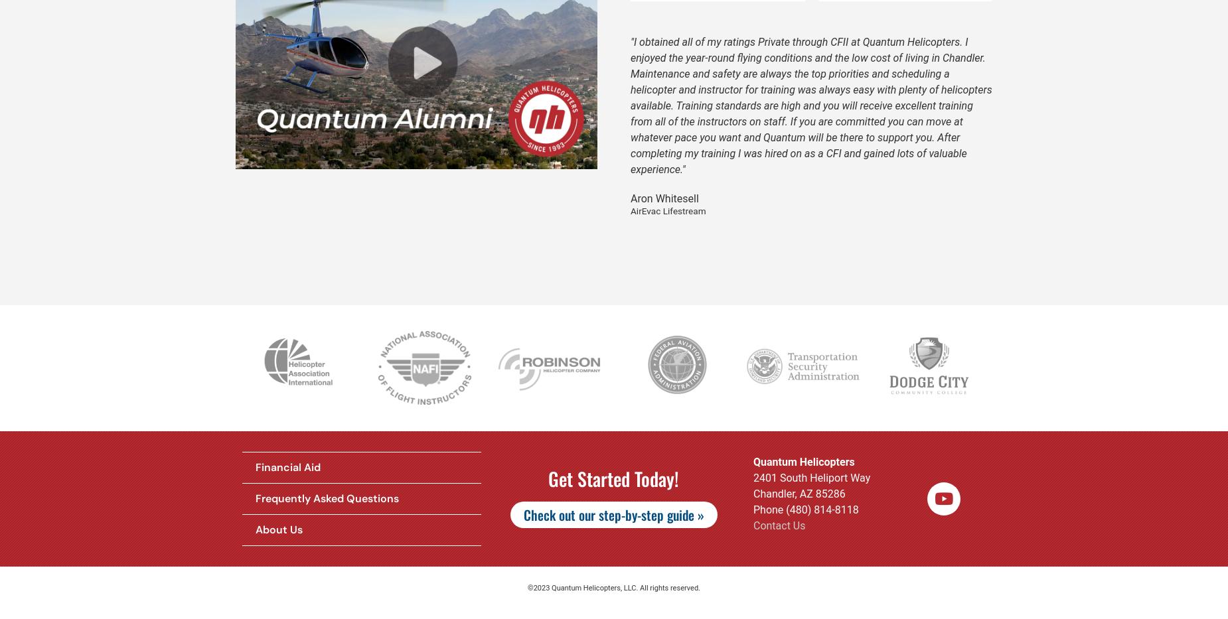 This screenshot has height=619, width=1228. I want to click on 'Phone (480) 814-8118', so click(805, 508).